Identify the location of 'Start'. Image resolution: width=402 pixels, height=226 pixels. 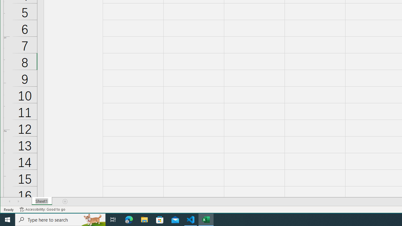
(8, 219).